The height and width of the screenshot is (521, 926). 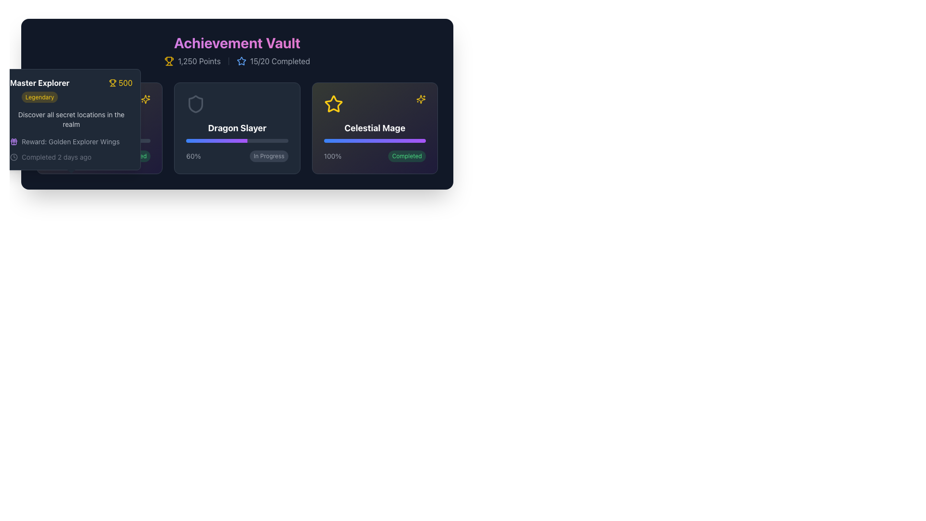 What do you see at coordinates (279, 61) in the screenshot?
I see `the informational Text label that displays user progress, located between a star icon and the text '1,250 Points'` at bounding box center [279, 61].